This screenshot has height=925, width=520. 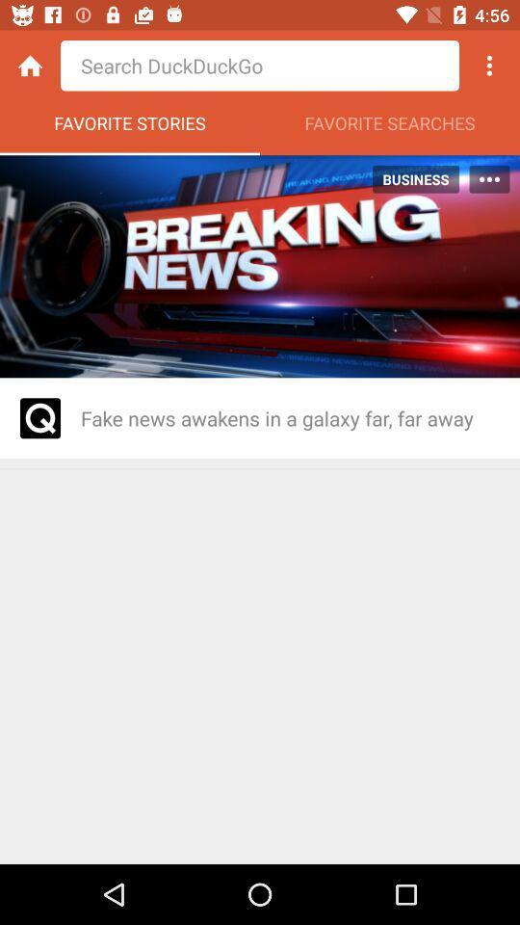 What do you see at coordinates (489, 66) in the screenshot?
I see `open browsing options` at bounding box center [489, 66].